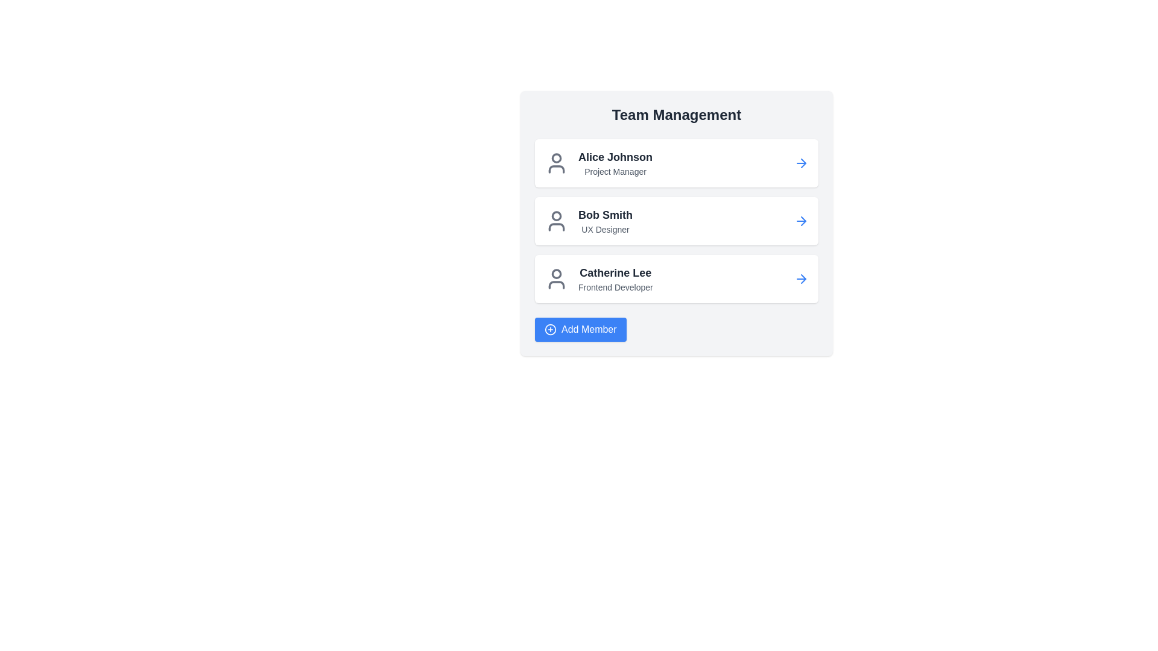 The width and height of the screenshot is (1158, 651). I want to click on the SVG circle element that visually represents the head of the user icon for 'Alice Johnson', so click(555, 157).